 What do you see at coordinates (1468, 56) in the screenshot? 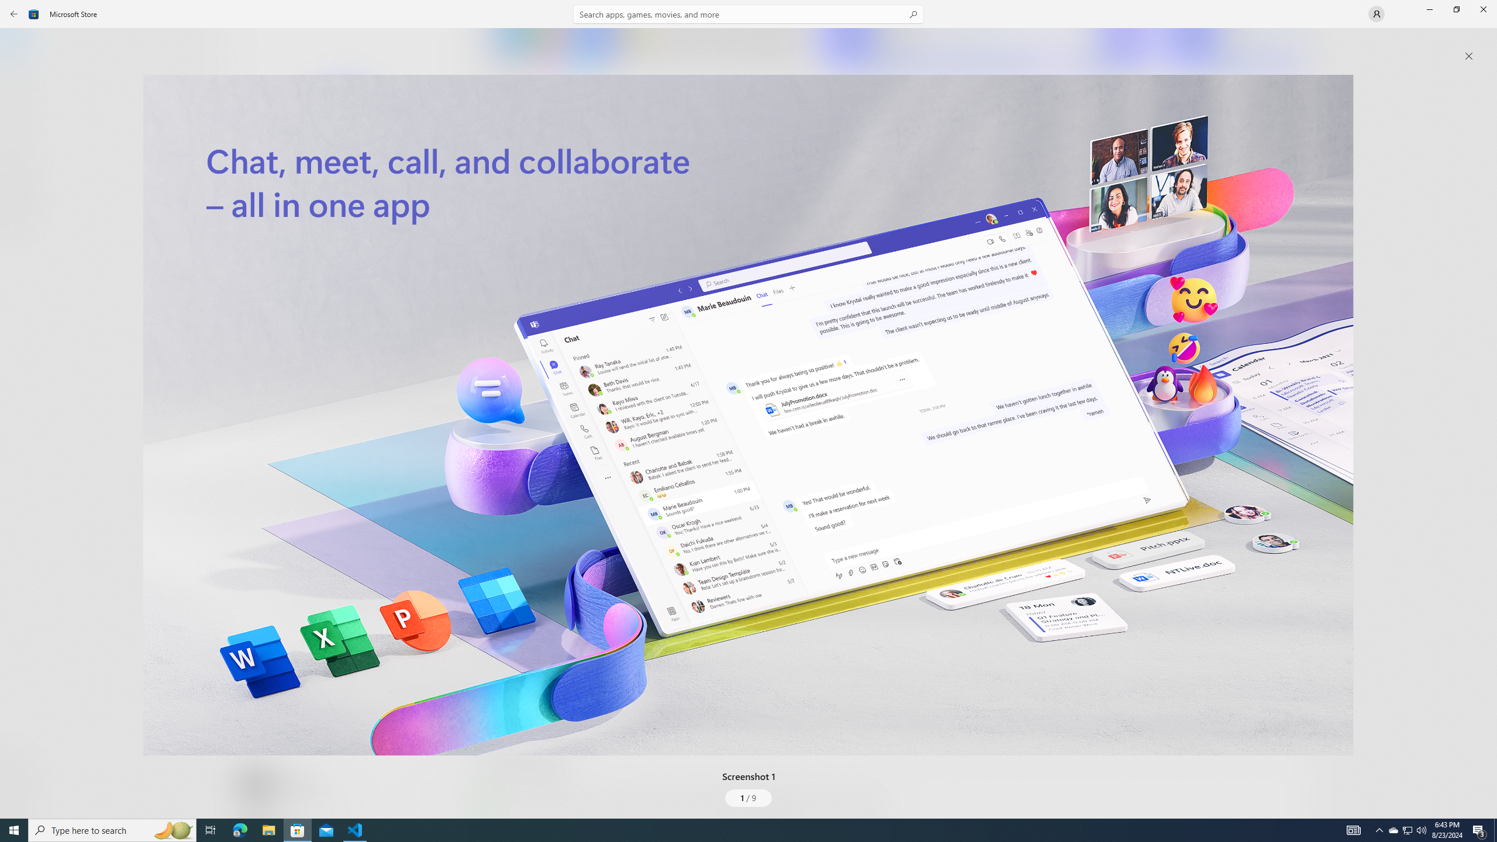
I see `'close popup window'` at bounding box center [1468, 56].